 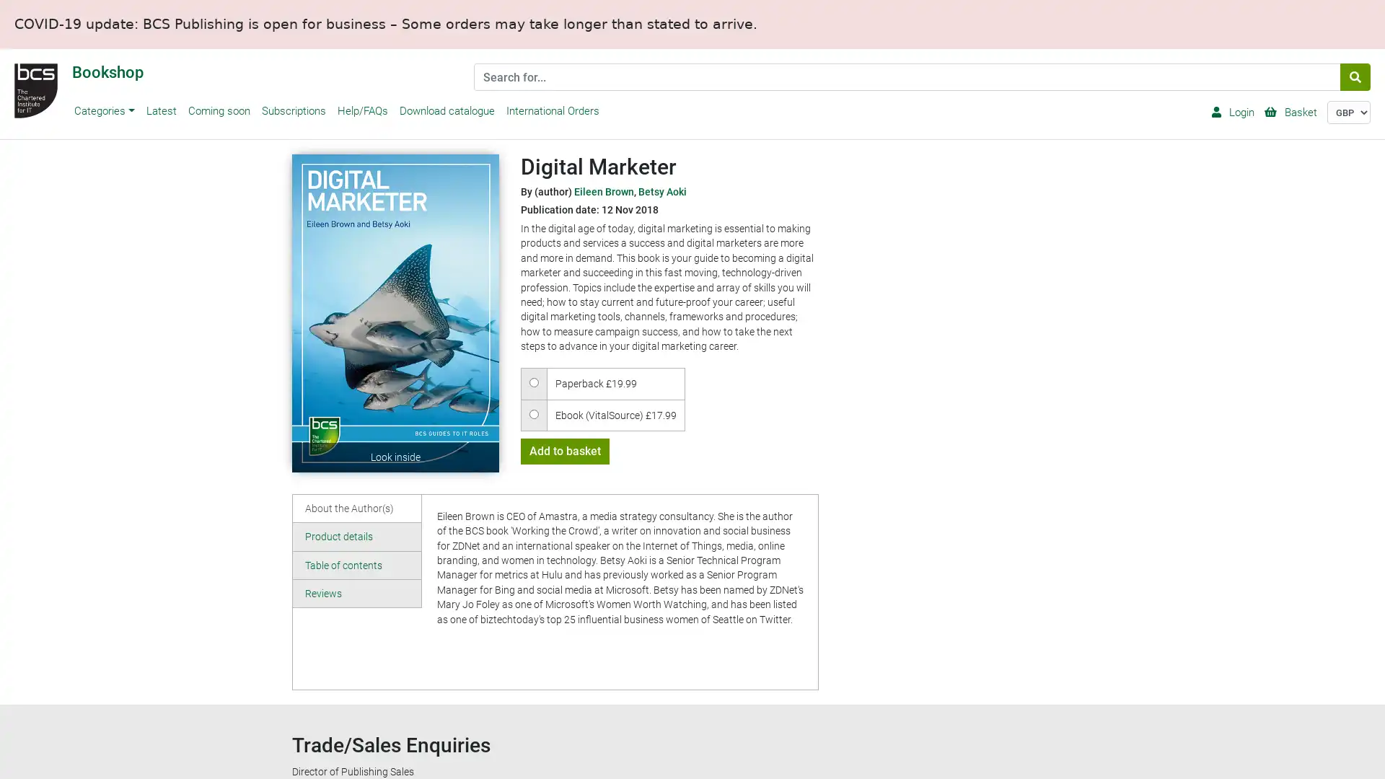 What do you see at coordinates (563, 450) in the screenshot?
I see `Add to basket` at bounding box center [563, 450].